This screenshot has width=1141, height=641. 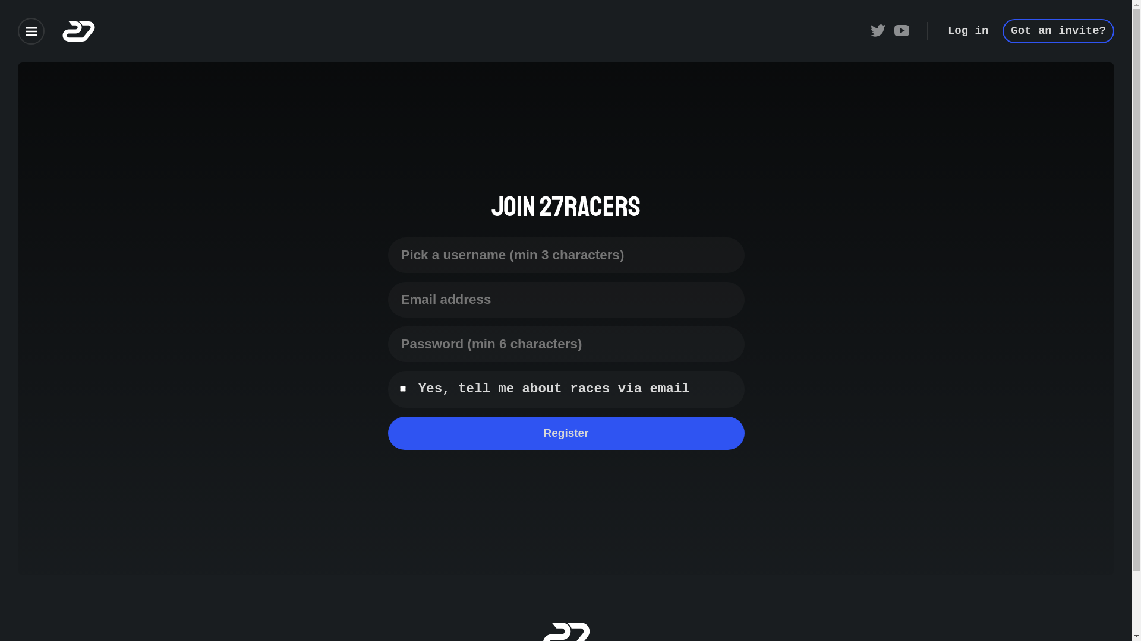 I want to click on 'Got an invite?', so click(x=1058, y=31).